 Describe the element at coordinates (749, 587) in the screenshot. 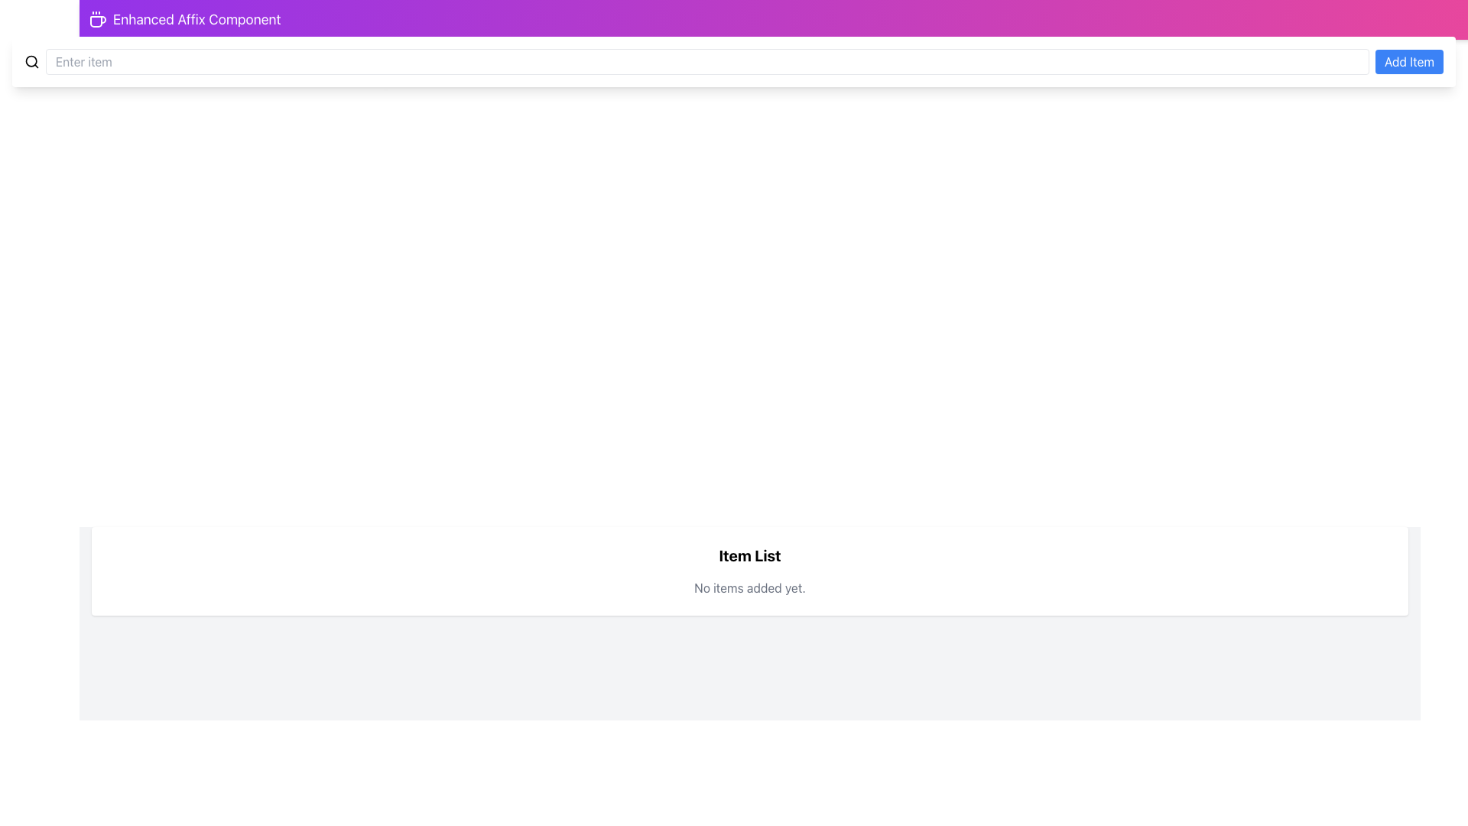

I see `the informational text label indicating that there are currently no items in the list, which is located below the title 'Item List' in a white box with rounded borders` at that location.